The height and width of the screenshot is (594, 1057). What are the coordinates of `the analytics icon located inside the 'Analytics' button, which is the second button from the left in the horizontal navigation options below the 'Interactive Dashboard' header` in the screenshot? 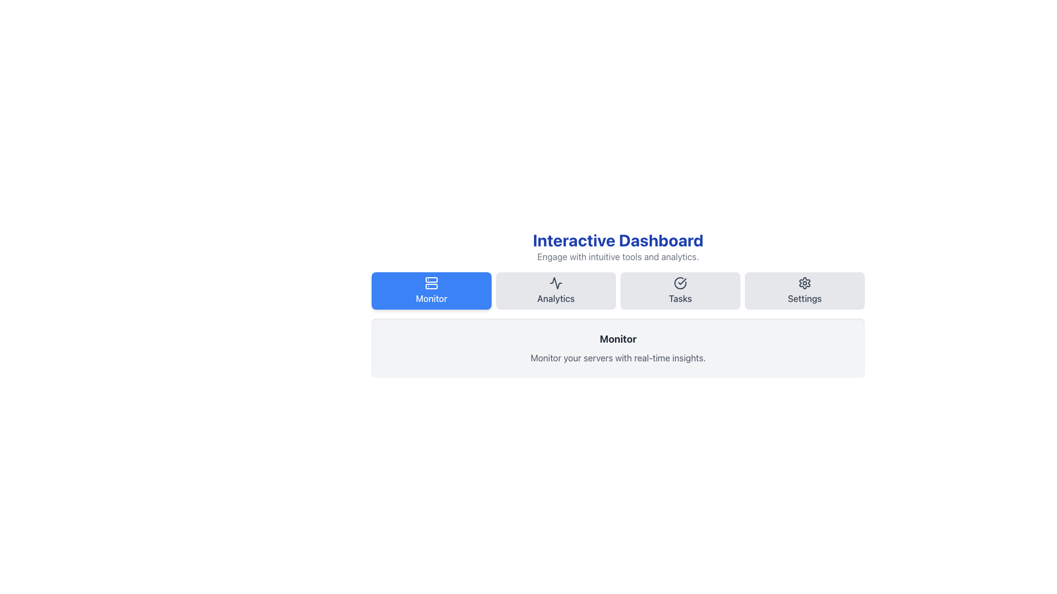 It's located at (555, 283).